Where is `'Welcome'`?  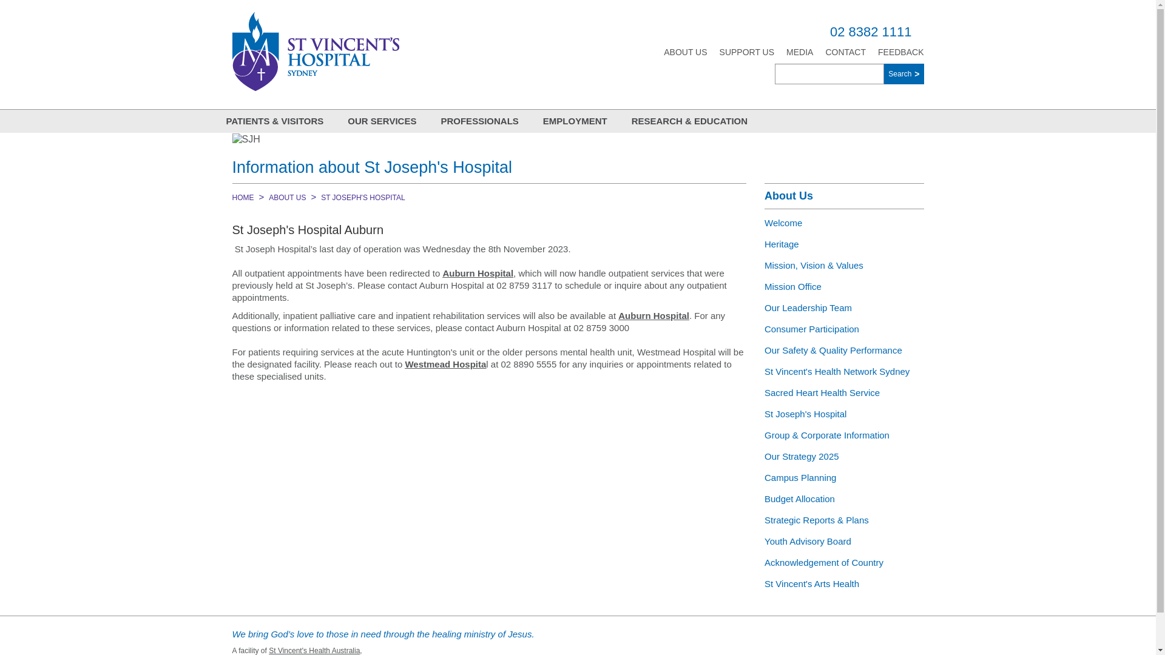
'Welcome' is located at coordinates (843, 223).